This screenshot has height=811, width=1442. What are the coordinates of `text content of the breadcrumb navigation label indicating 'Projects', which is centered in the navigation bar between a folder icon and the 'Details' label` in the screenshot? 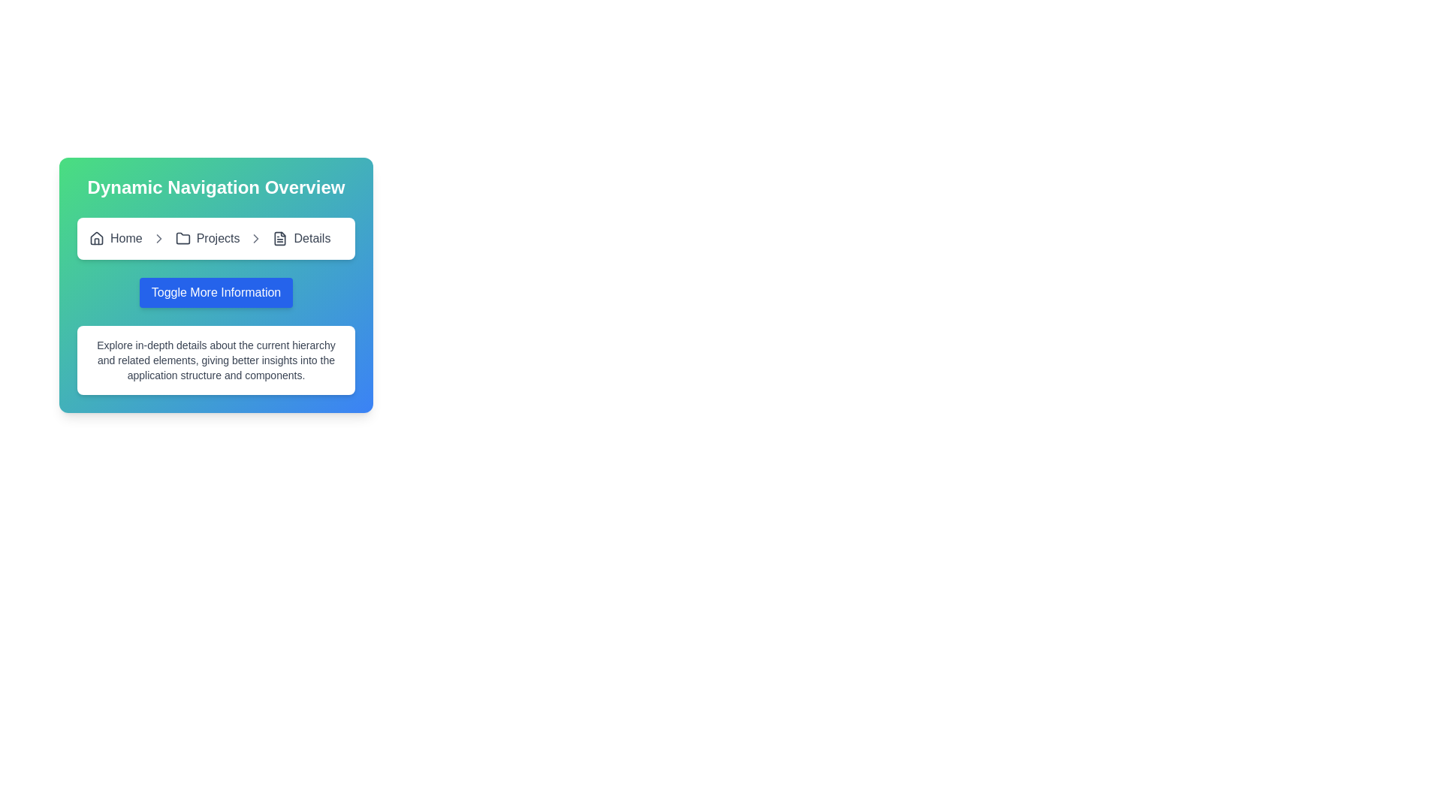 It's located at (217, 237).